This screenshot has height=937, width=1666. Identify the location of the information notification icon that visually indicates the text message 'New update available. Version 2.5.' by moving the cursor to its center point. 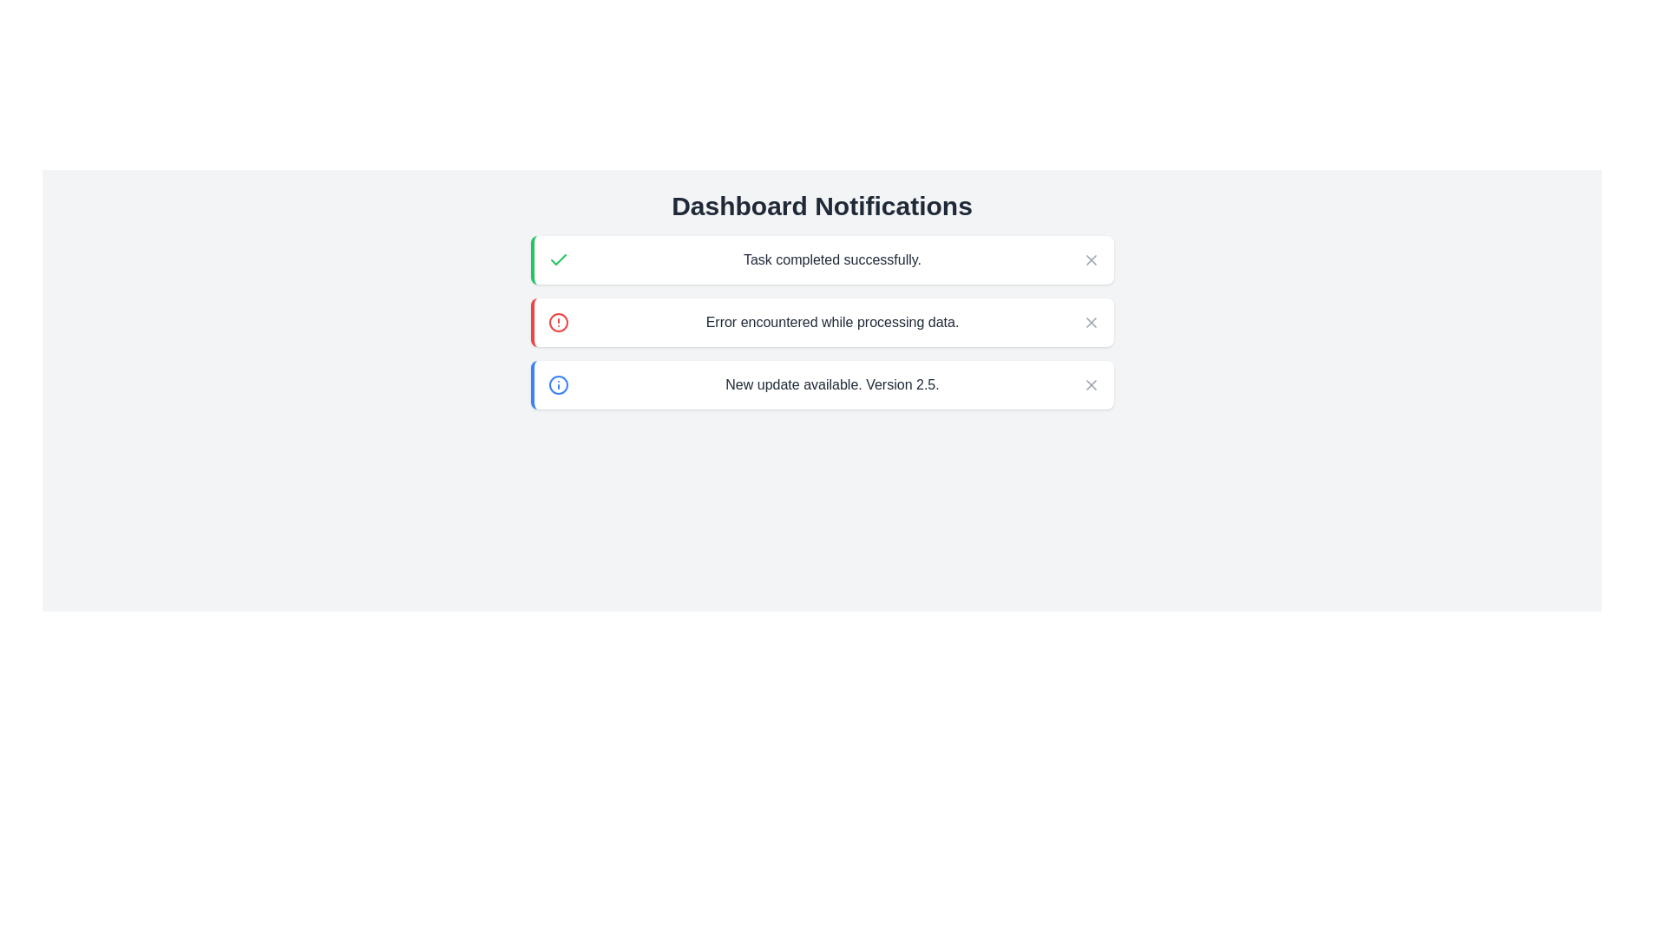
(558, 383).